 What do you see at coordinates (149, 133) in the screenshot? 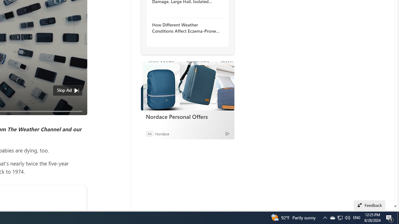
I see `'Ad'` at bounding box center [149, 133].